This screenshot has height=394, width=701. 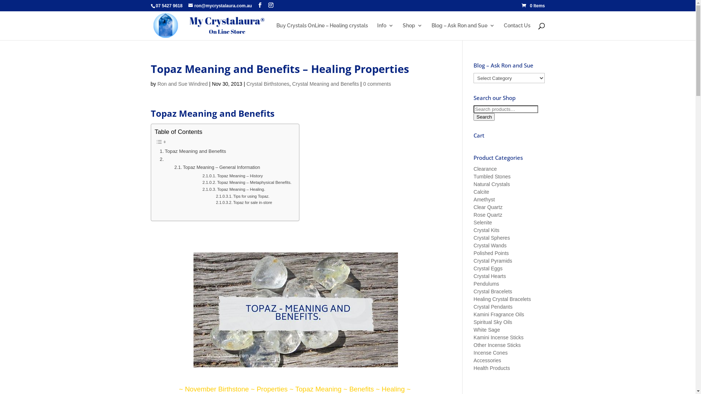 I want to click on 'Crystal Hearts', so click(x=490, y=276).